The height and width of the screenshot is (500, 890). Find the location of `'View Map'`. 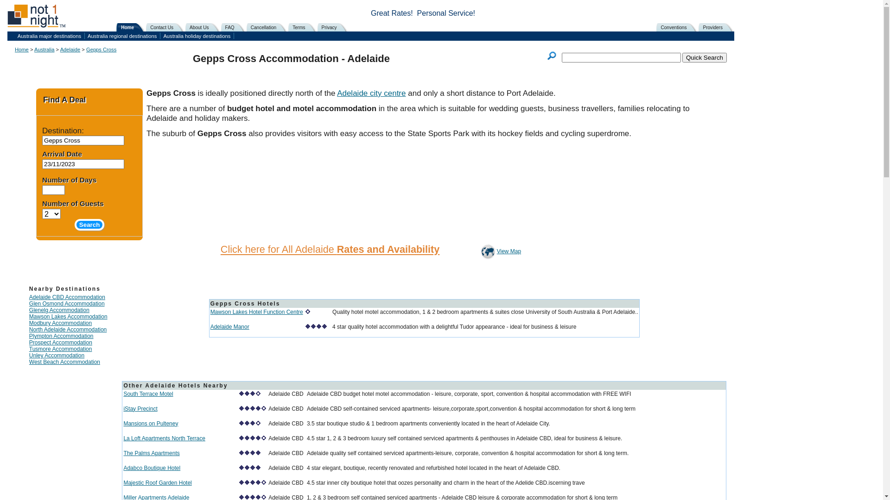

'View Map' is located at coordinates (487, 251).